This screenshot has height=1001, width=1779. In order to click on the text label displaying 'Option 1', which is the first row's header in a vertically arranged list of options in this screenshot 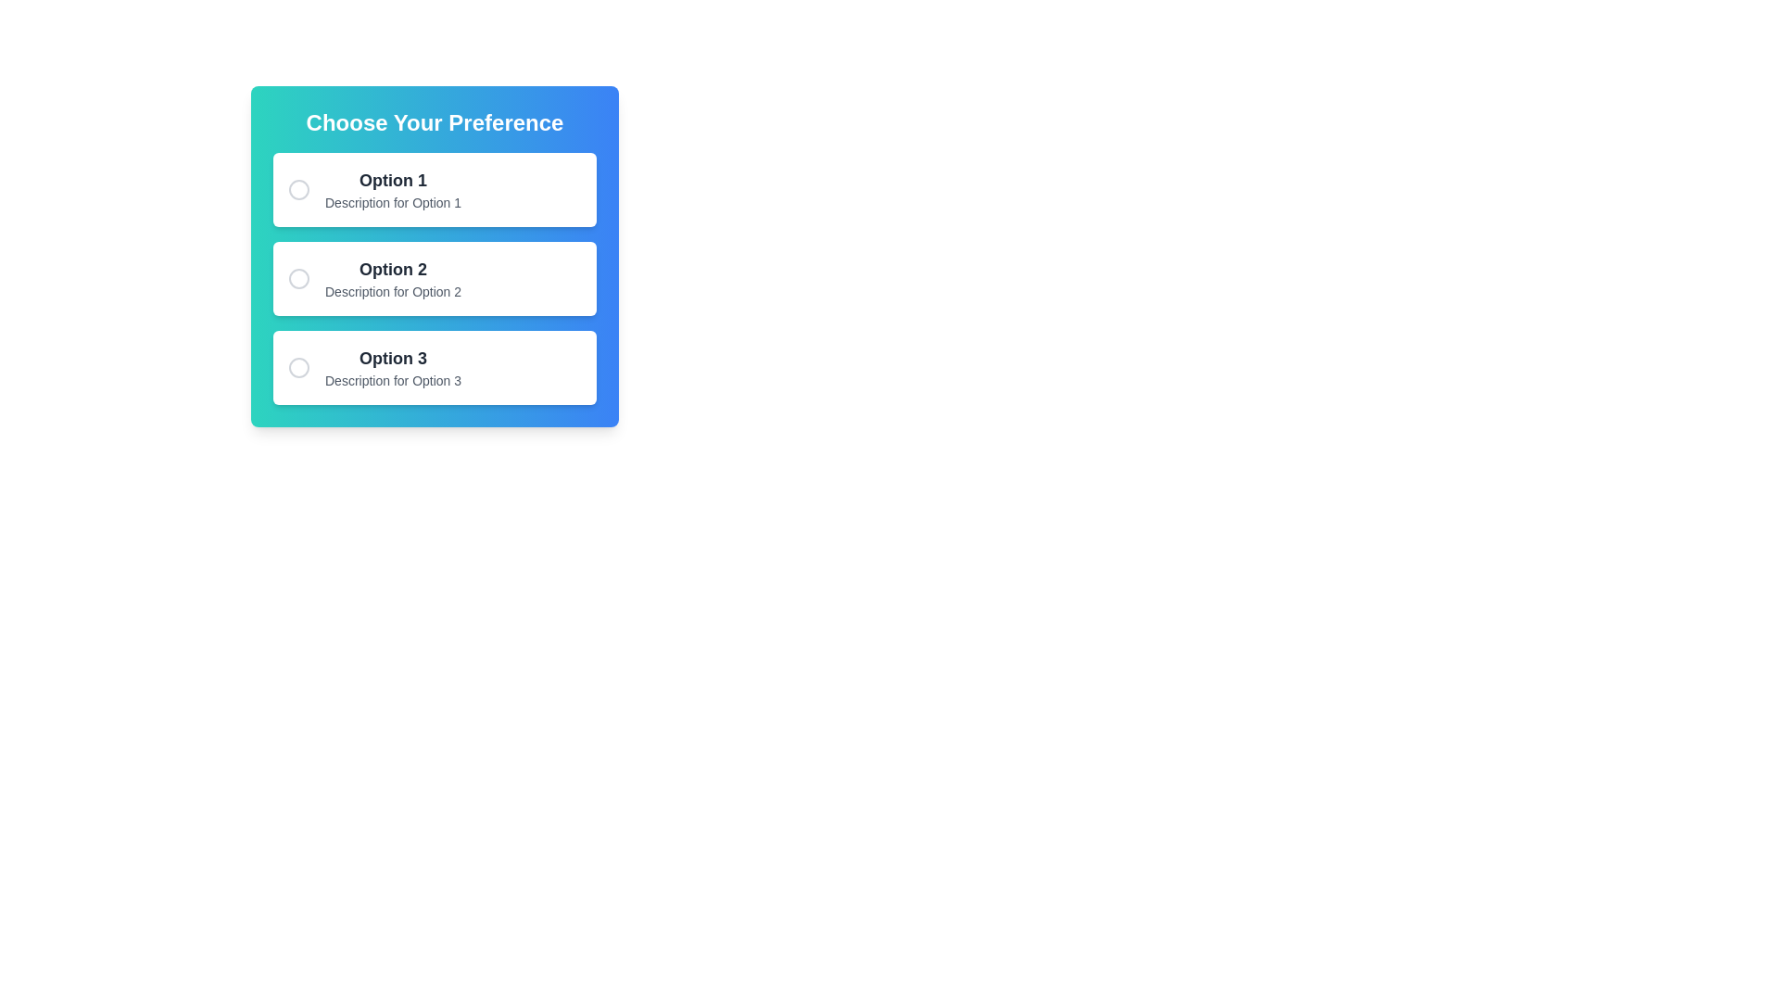, I will do `click(392, 181)`.